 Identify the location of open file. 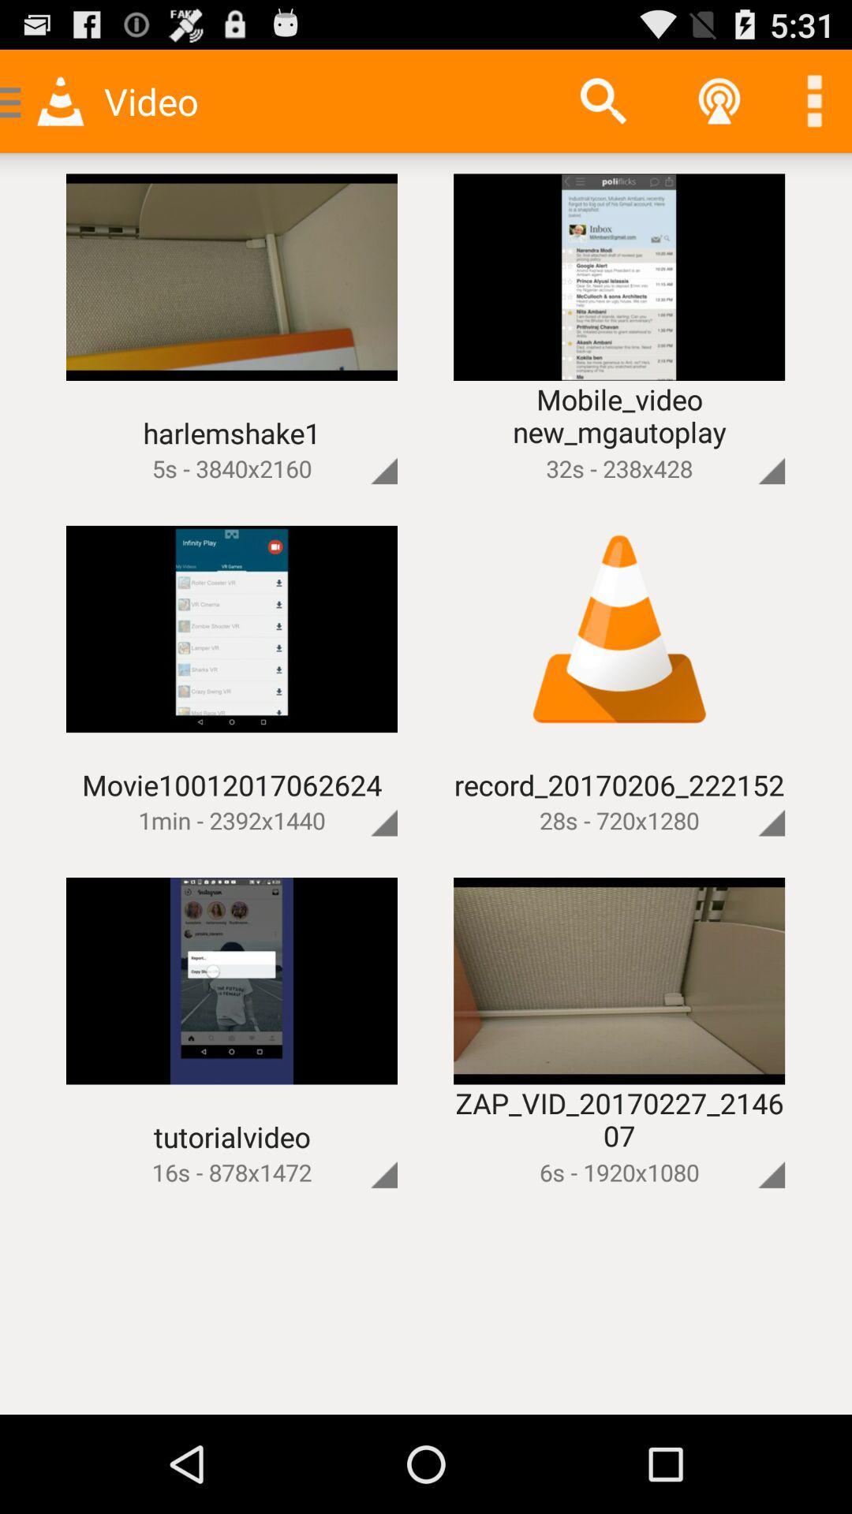
(745, 1148).